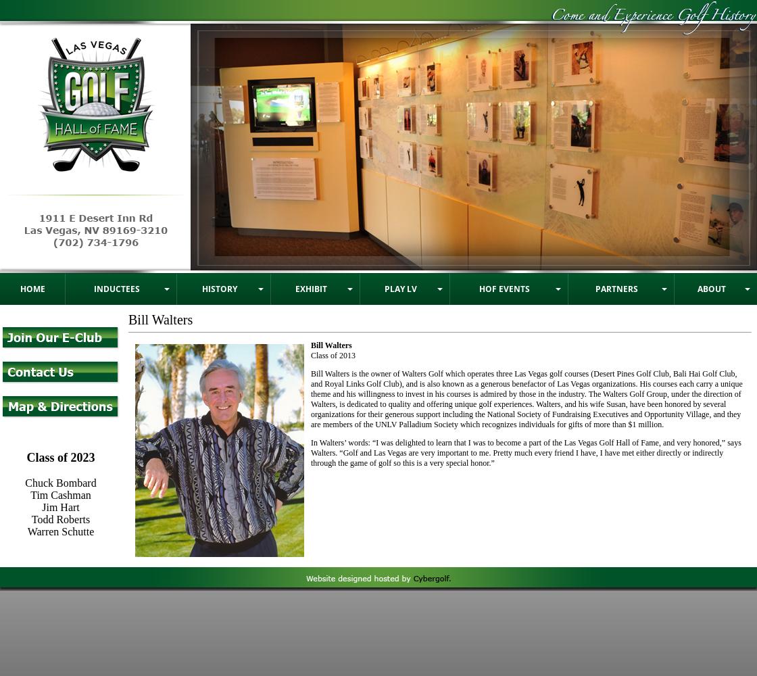  Describe the element at coordinates (60, 506) in the screenshot. I see `'Jim Hart'` at that location.